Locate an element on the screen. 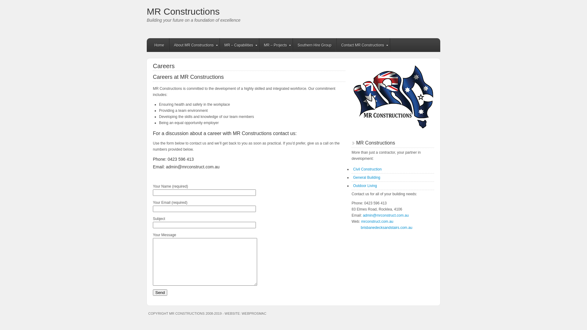 The width and height of the screenshot is (587, 330). 'brisbanedecksandstairs.com.au' is located at coordinates (386, 227).